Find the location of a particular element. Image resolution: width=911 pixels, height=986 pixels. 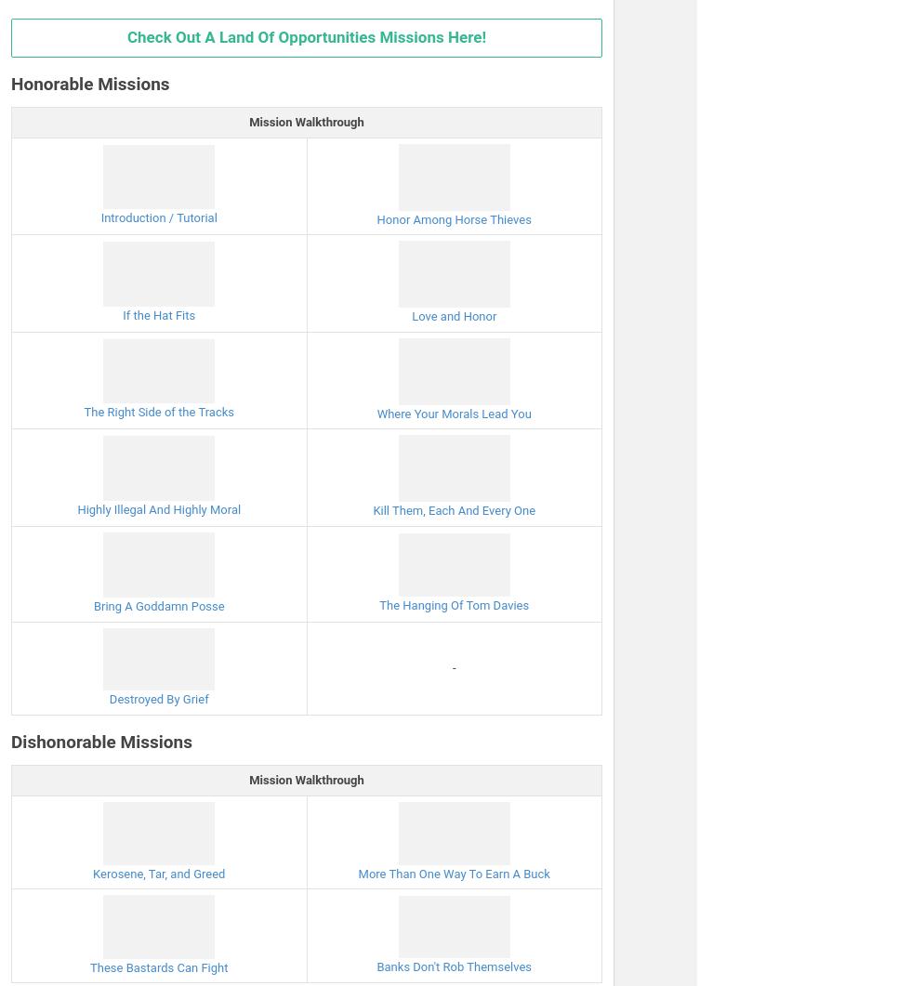

'Dishonorable Missions' is located at coordinates (100, 741).